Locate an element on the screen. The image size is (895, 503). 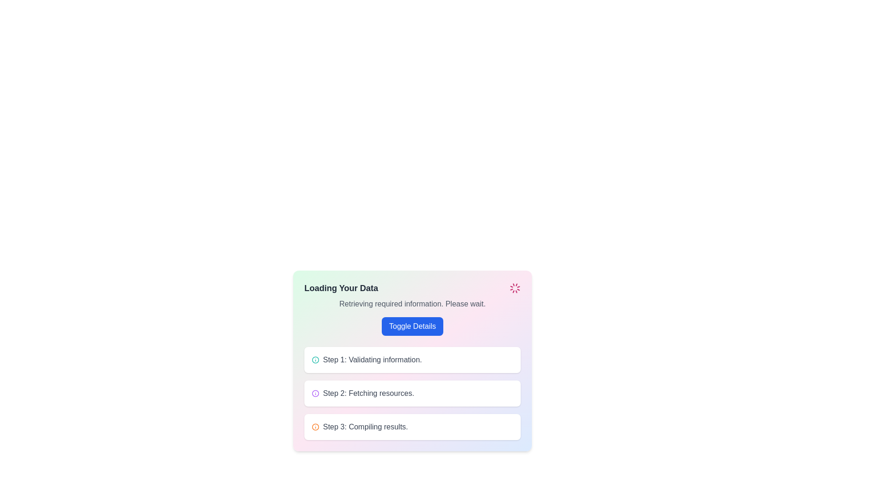
the individual icons for the three steps in the process: 'Step 1: Validating information', 'Step 2: Fetching resources', and 'Step 3: Compiling results', which are enclosed in white rounded rectangular boxes and located within a card near the bottom, beneath the 'Toggle Details' button is located at coordinates (412, 393).